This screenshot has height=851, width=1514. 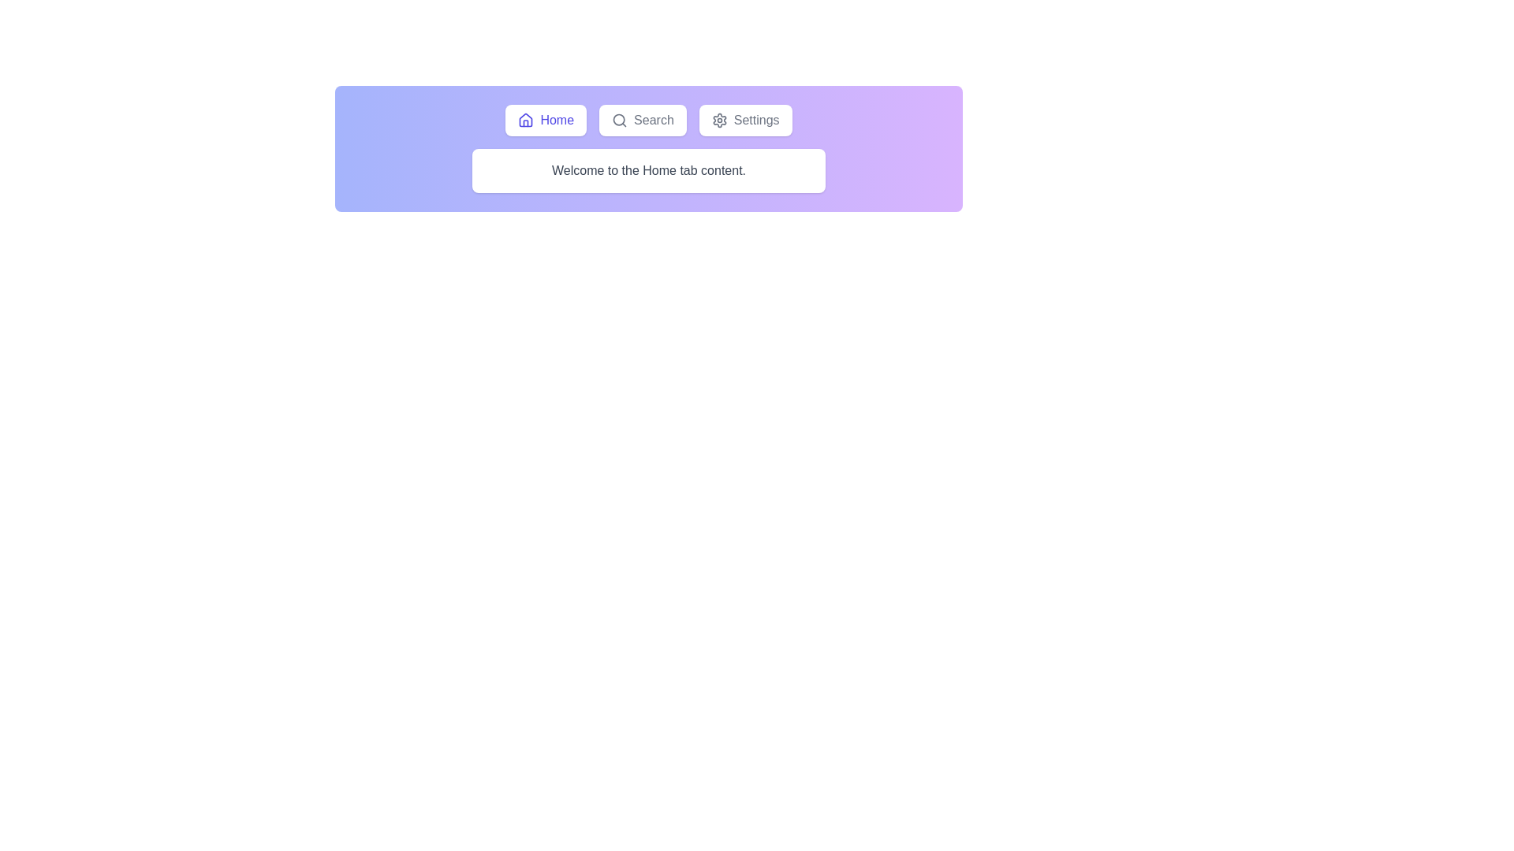 I want to click on the 'Home' button, which features an icon on the left side, so click(x=526, y=120).